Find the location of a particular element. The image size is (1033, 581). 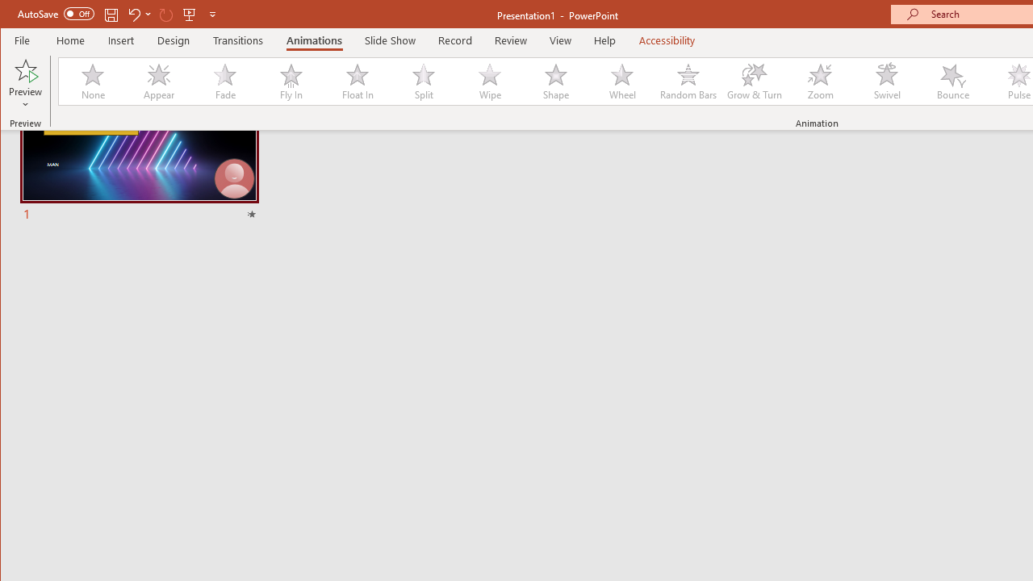

'Redo' is located at coordinates (166, 14).